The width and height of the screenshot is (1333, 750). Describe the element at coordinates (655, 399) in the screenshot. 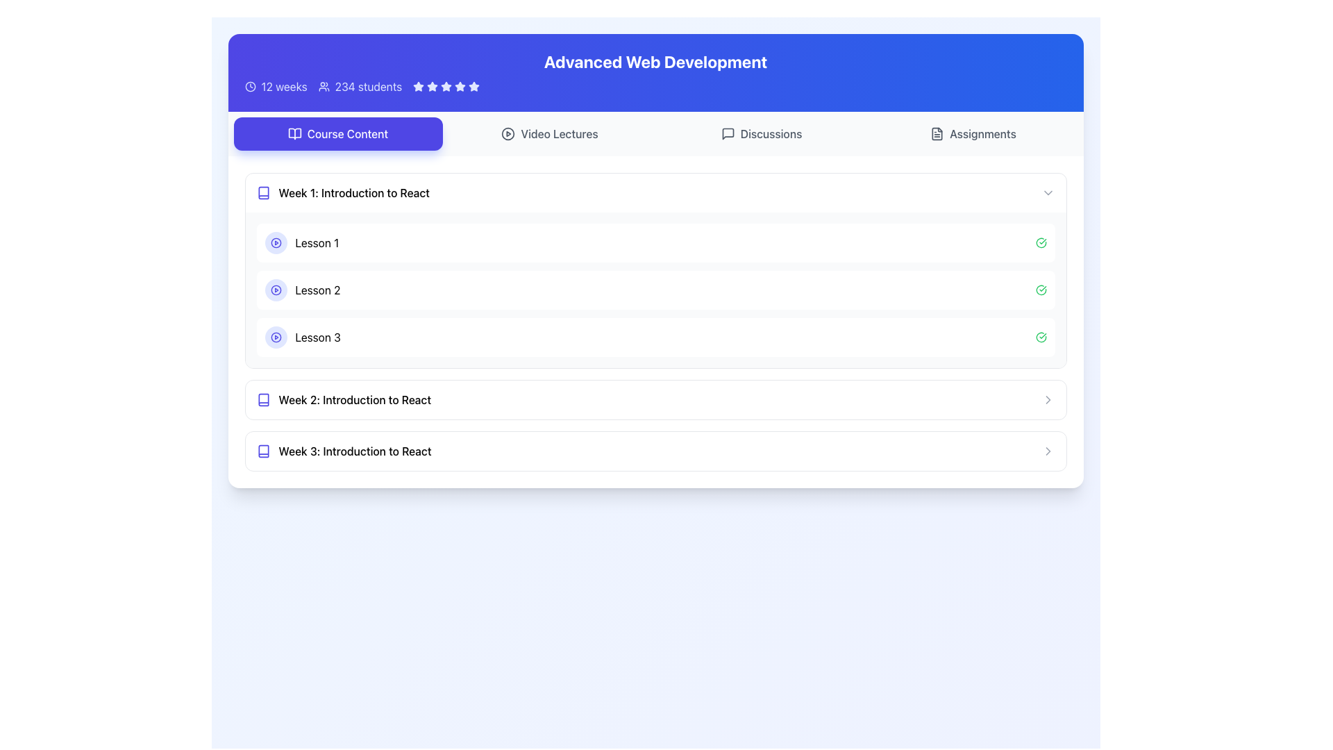

I see `the second row in the list of weekly topics labeled 'Week 2: Introduction to React'` at that location.